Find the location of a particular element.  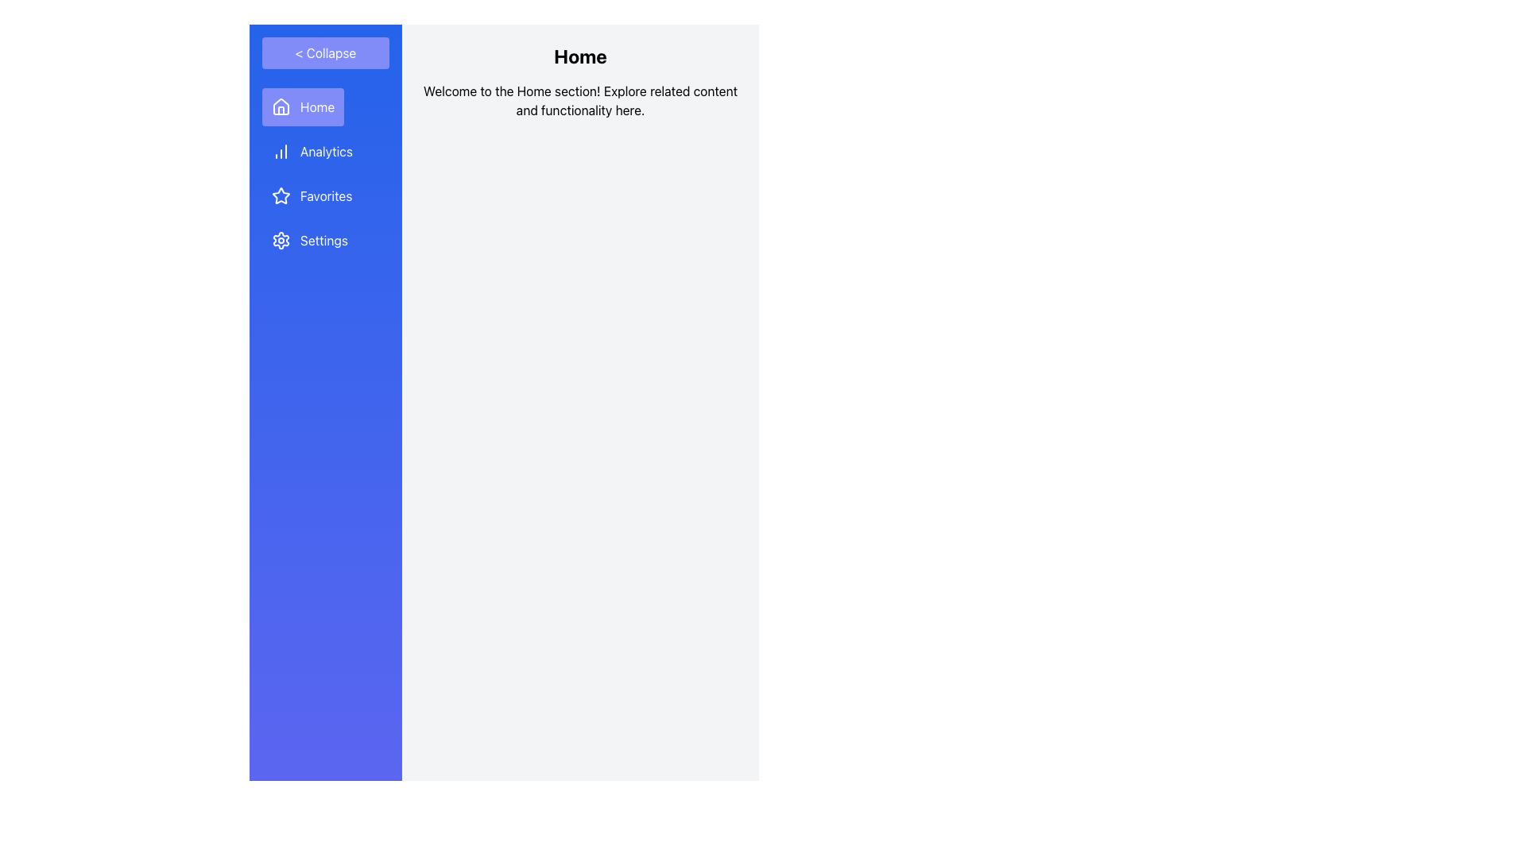

the blue five-point star icon located in the left sidebar menu, which is positioned next to the 'Favorites' label is located at coordinates (281, 195).